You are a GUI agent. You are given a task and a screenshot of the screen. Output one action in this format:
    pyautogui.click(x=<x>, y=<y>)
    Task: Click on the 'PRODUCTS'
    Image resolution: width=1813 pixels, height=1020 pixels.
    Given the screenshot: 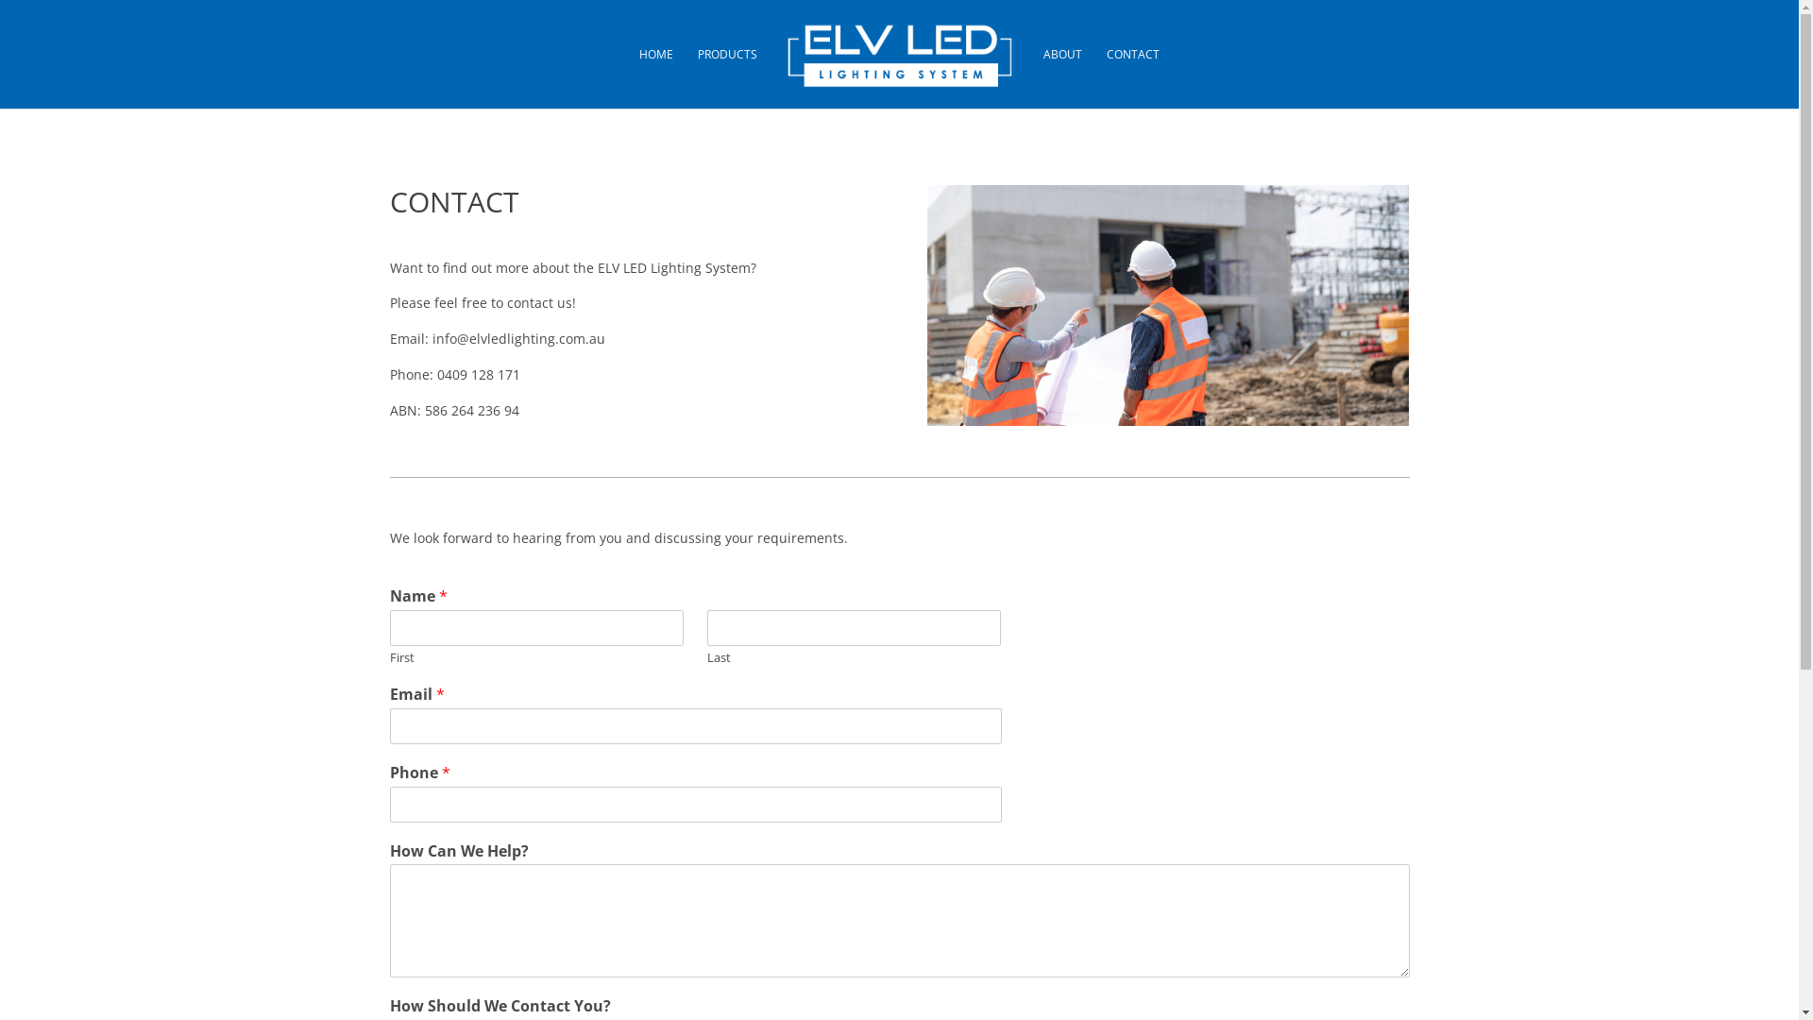 What is the action you would take?
    pyautogui.click(x=726, y=77)
    